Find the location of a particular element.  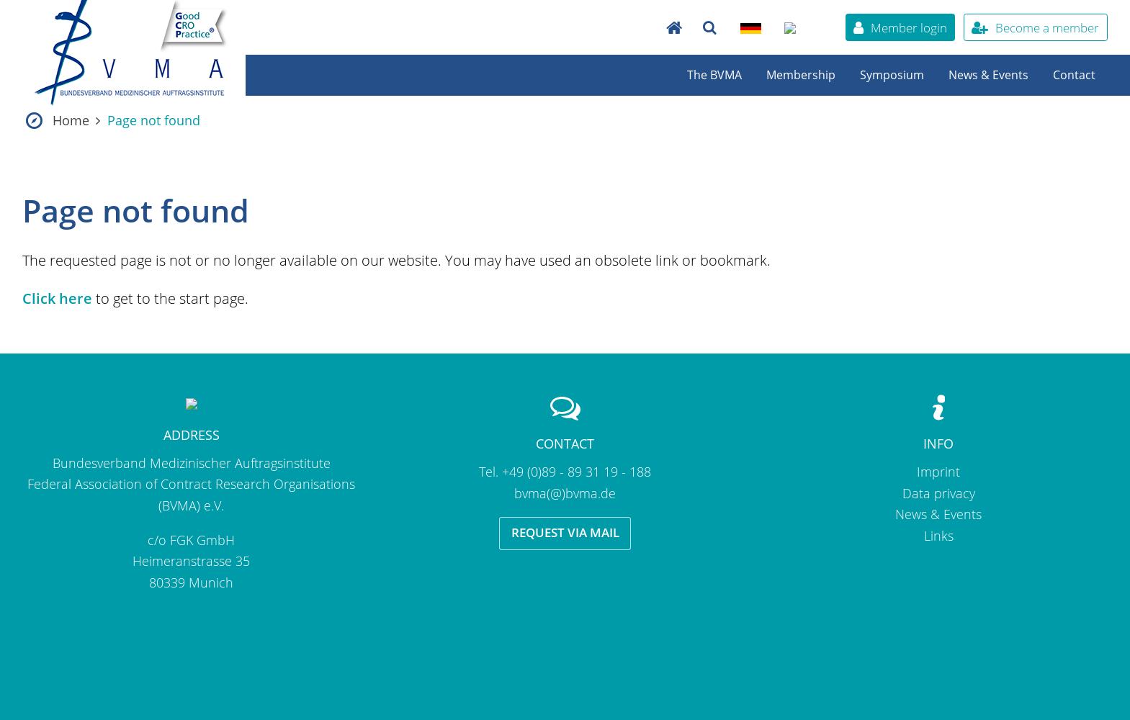

'Membership' is located at coordinates (800, 73).